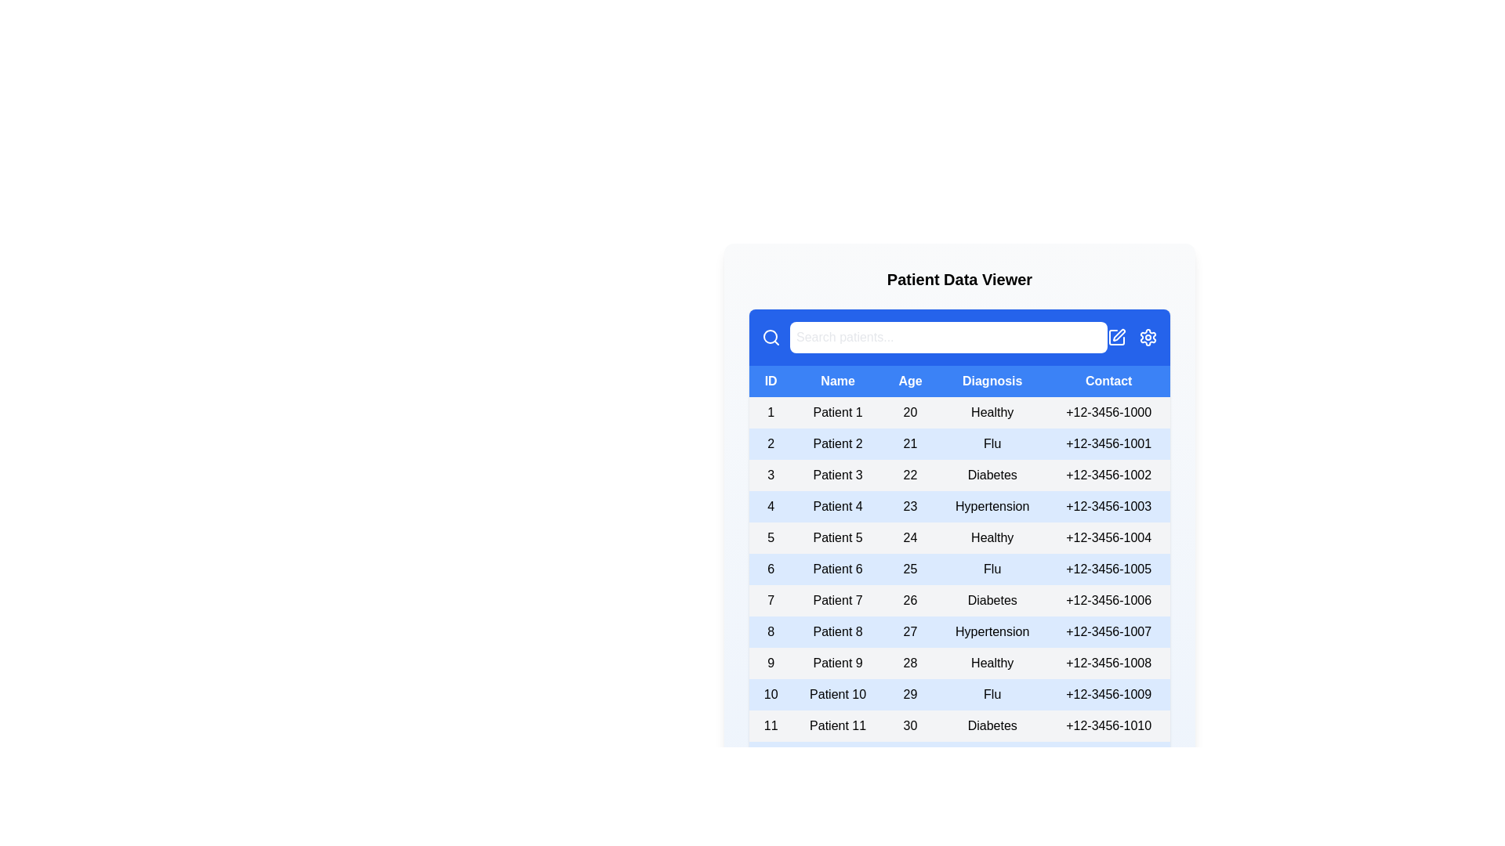 The width and height of the screenshot is (1505, 846). What do you see at coordinates (771, 381) in the screenshot?
I see `the column header ID to sort the table by that column` at bounding box center [771, 381].